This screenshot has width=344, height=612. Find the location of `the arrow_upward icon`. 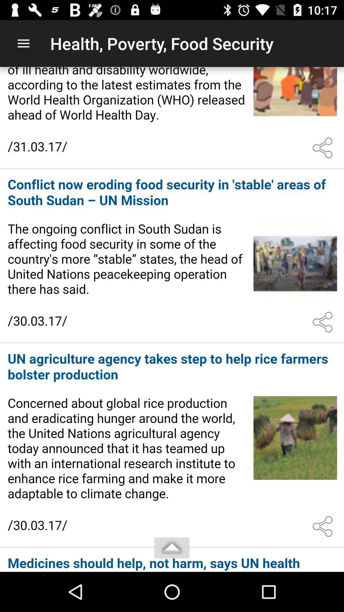

the arrow_upward icon is located at coordinates (171, 547).